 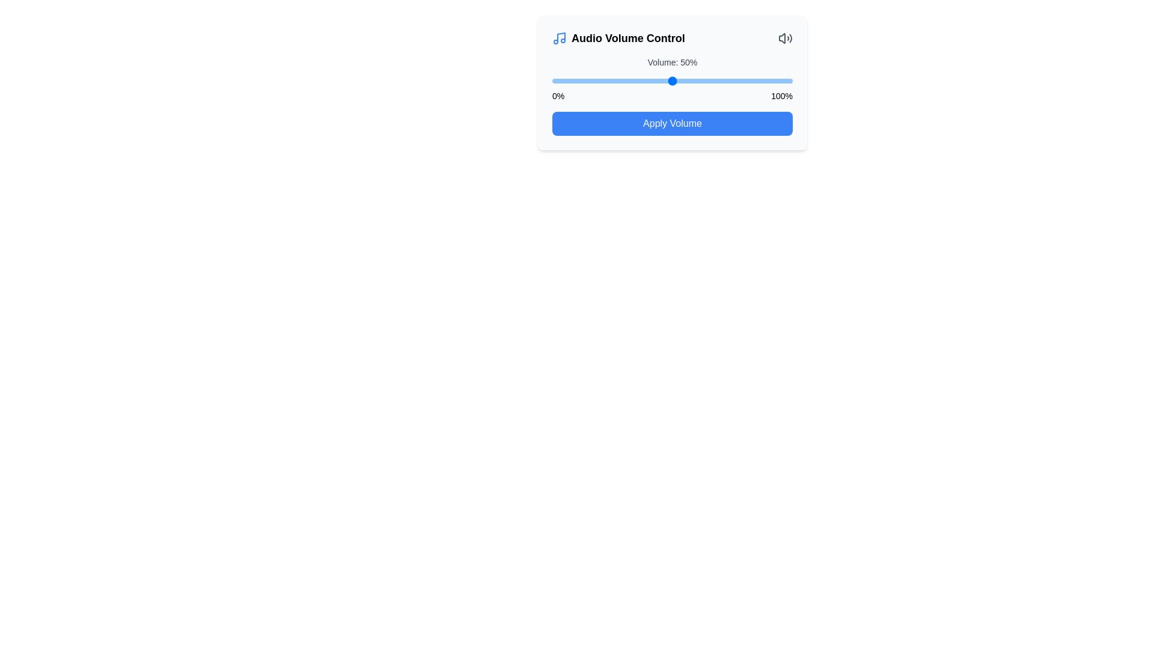 What do you see at coordinates (671, 95) in the screenshot?
I see `the static informational text displaying '0%' and '100%' which indicates the minimum and maximum values of the volume control, positioned below the range slider labeled 'Volume: 50%'` at bounding box center [671, 95].